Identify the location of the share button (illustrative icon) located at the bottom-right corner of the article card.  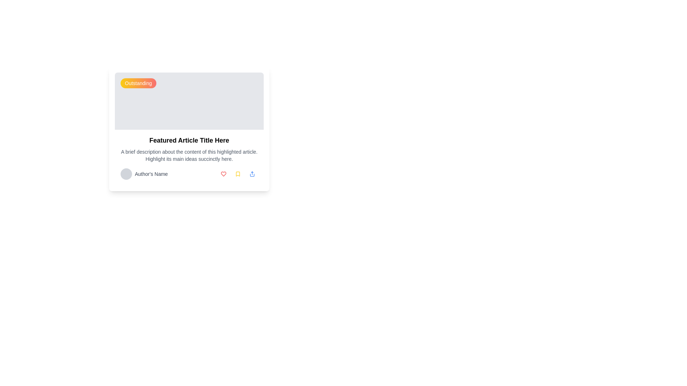
(252, 174).